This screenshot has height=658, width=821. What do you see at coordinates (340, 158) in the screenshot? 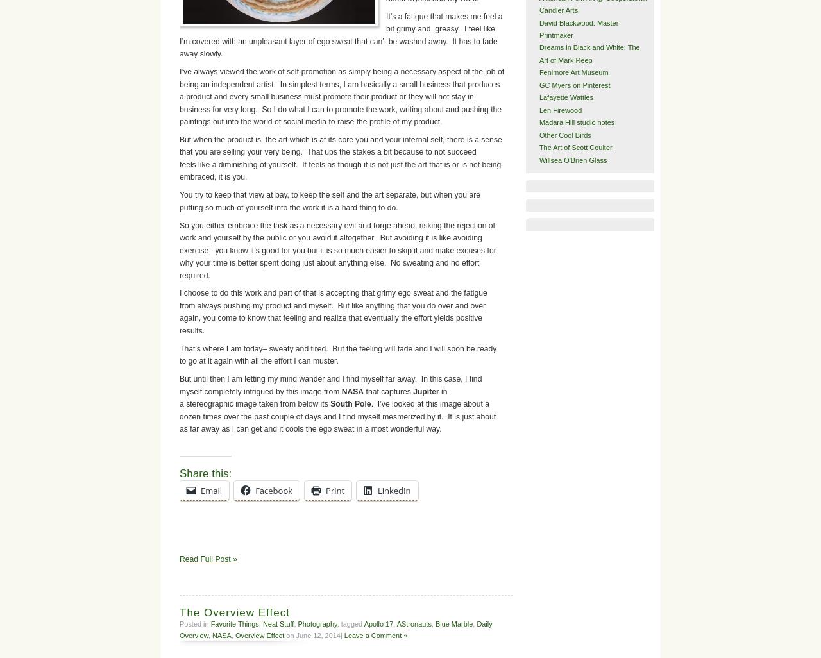
I see `'But when the product is  the art which is at its core you and your internal self, there is a sense that you are selling your very being.  That ups the stakes a bit because to not succeed feels like a diminishing of yourself.  It feels as though it is not just the art that is or is not being embraced, it is you.'` at bounding box center [340, 158].